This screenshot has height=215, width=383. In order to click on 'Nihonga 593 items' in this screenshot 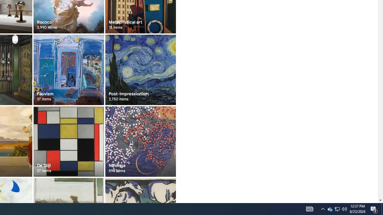, I will do `click(140, 141)`.